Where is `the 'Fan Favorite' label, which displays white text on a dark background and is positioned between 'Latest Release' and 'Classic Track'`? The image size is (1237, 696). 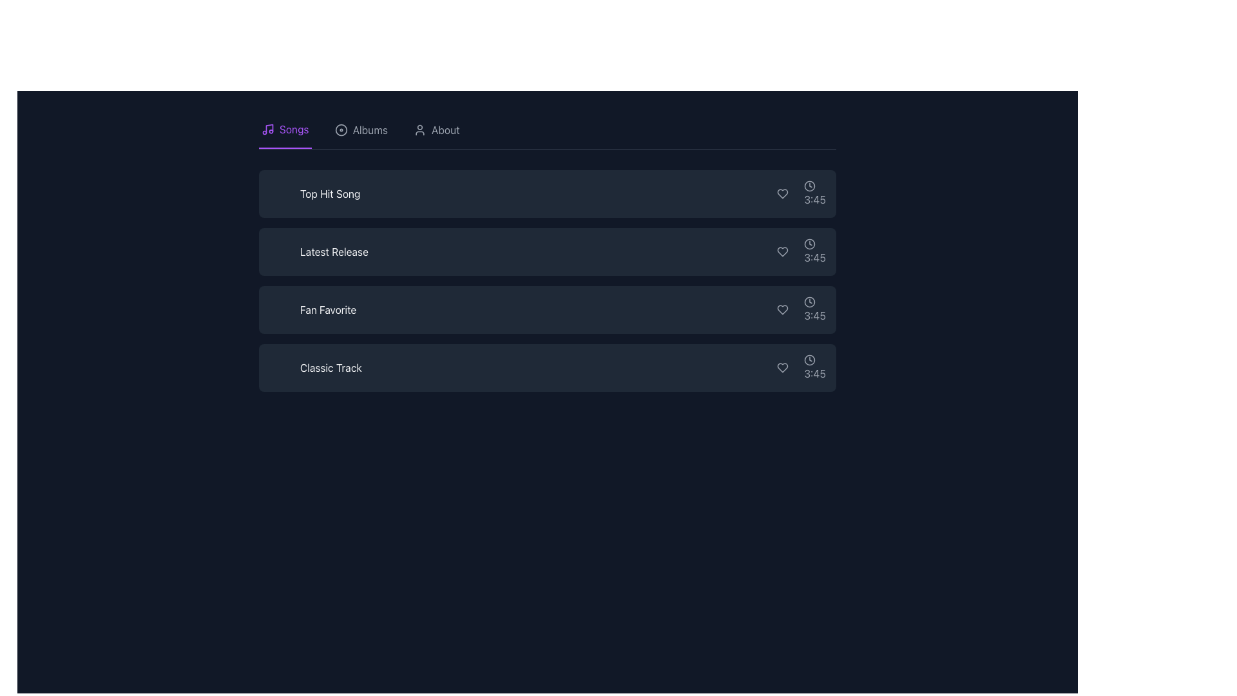
the 'Fan Favorite' label, which displays white text on a dark background and is positioned between 'Latest Release' and 'Classic Track' is located at coordinates (328, 310).